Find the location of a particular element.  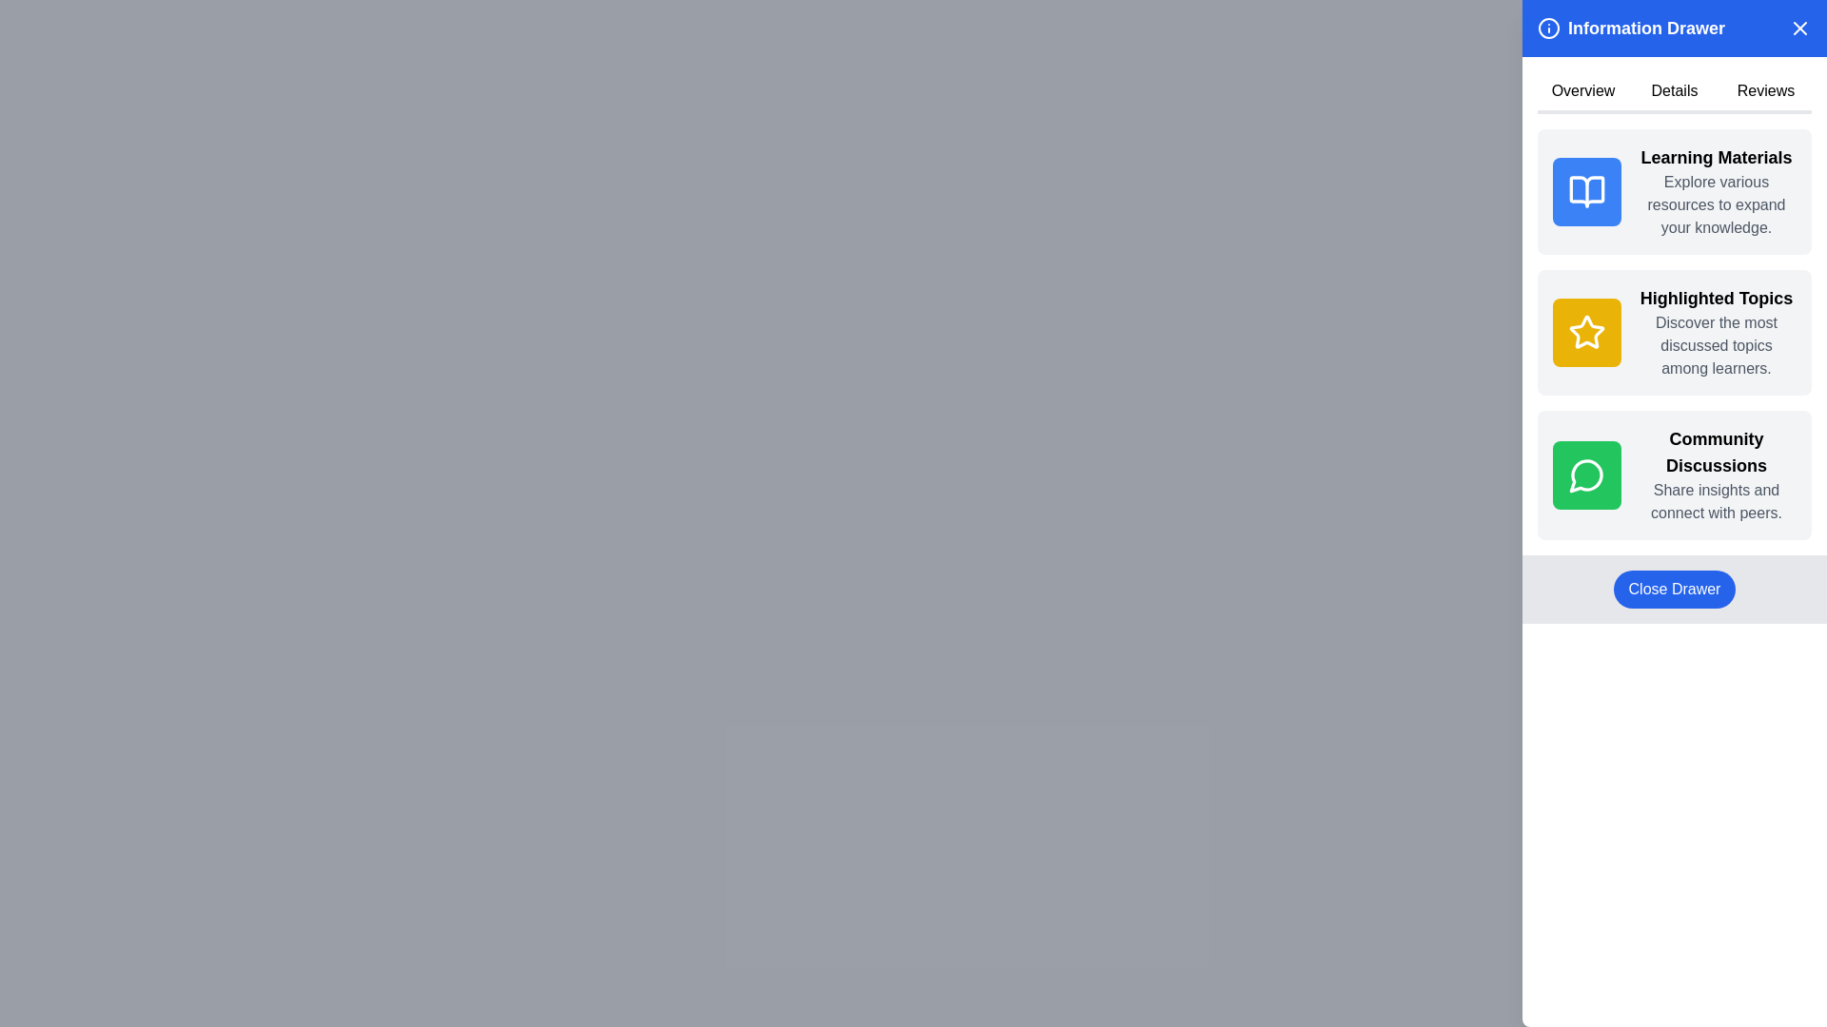

the 'Overview' navigation button, which is the first button in a group of three located at the top of the right-side panel is located at coordinates (1583, 92).